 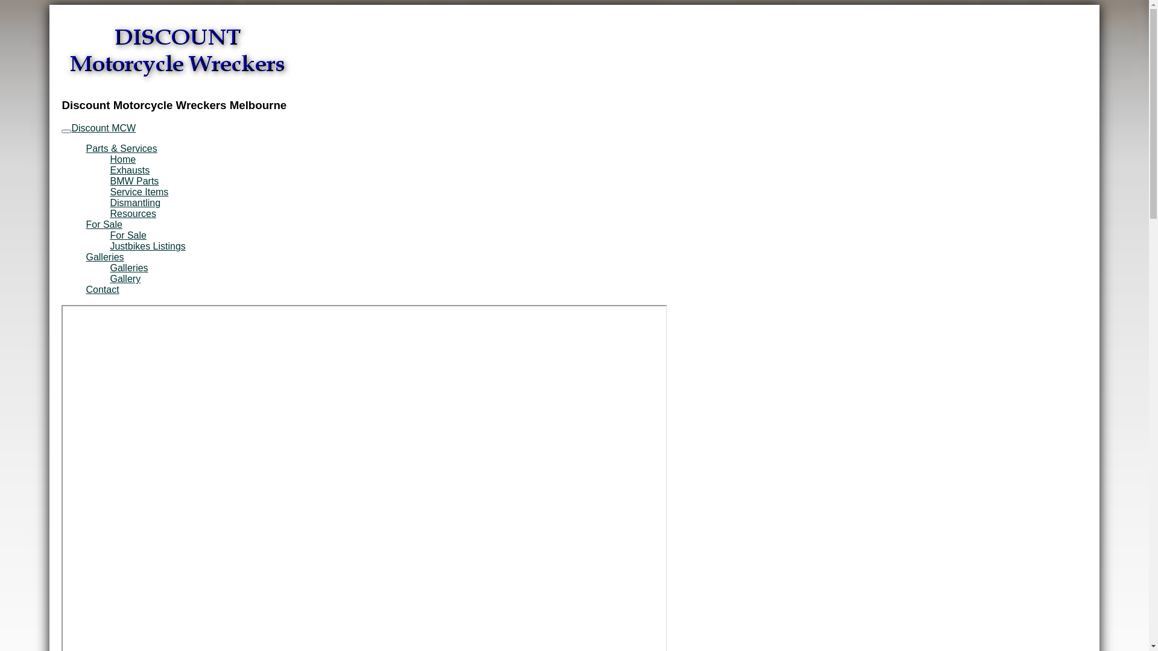 I want to click on 'Galleries', so click(x=128, y=267).